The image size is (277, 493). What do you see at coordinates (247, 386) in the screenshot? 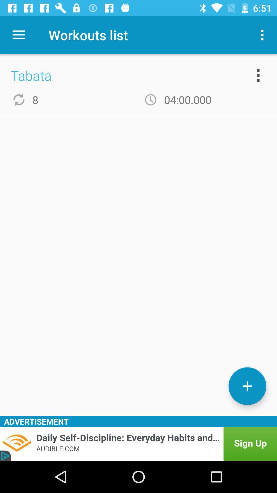
I see `workout list` at bounding box center [247, 386].